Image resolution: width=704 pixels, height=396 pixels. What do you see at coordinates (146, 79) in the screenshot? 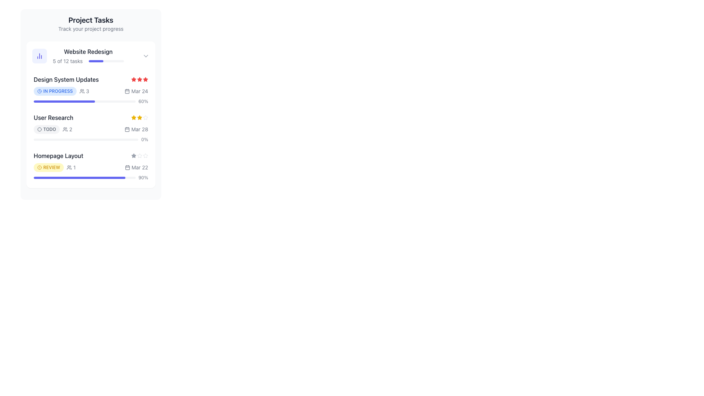
I see `the second star icon in the 'Design System Updates' task card to interact or change its state` at bounding box center [146, 79].